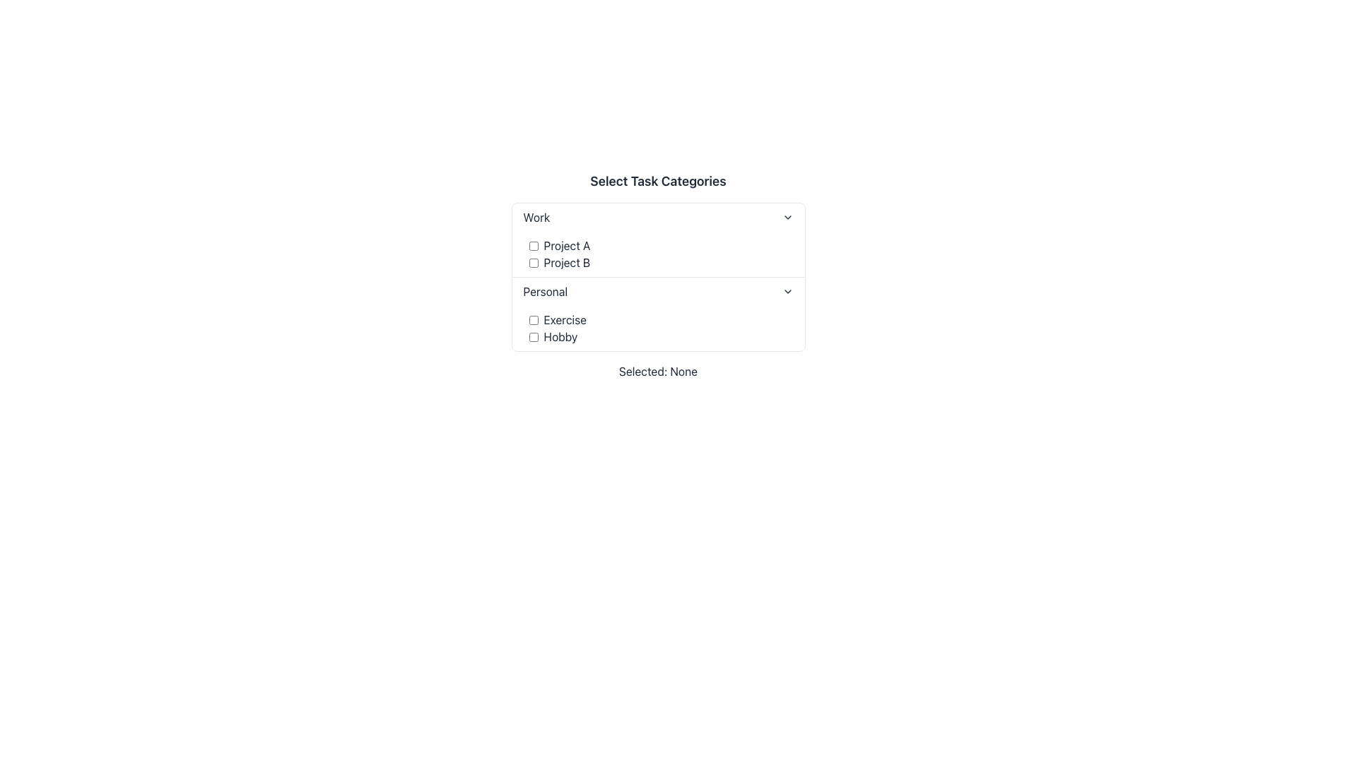 The image size is (1357, 763). Describe the element at coordinates (657, 329) in the screenshot. I see `the checkboxes in the 'Personal' group under 'Select Task Categories'` at that location.